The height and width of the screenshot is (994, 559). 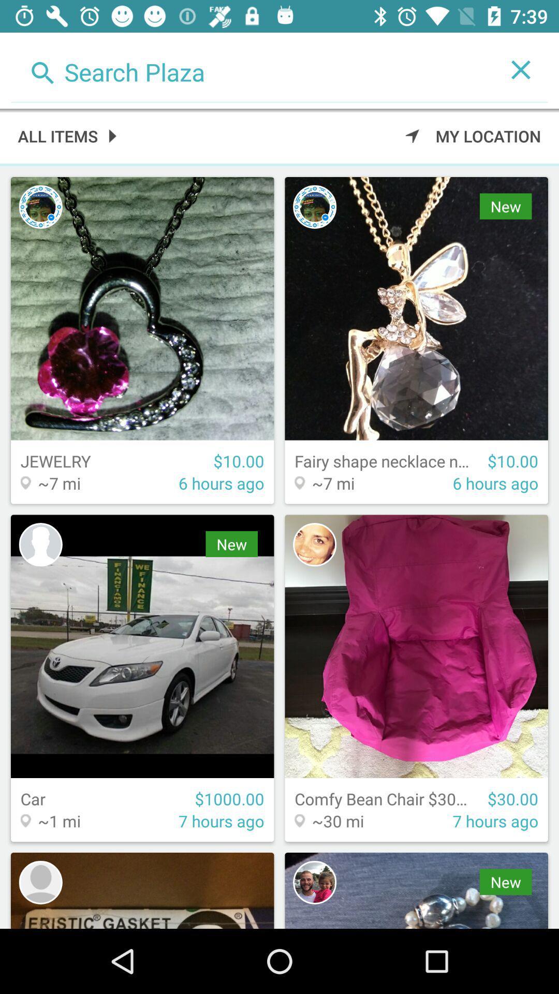 What do you see at coordinates (252, 69) in the screenshot?
I see `search plaza` at bounding box center [252, 69].